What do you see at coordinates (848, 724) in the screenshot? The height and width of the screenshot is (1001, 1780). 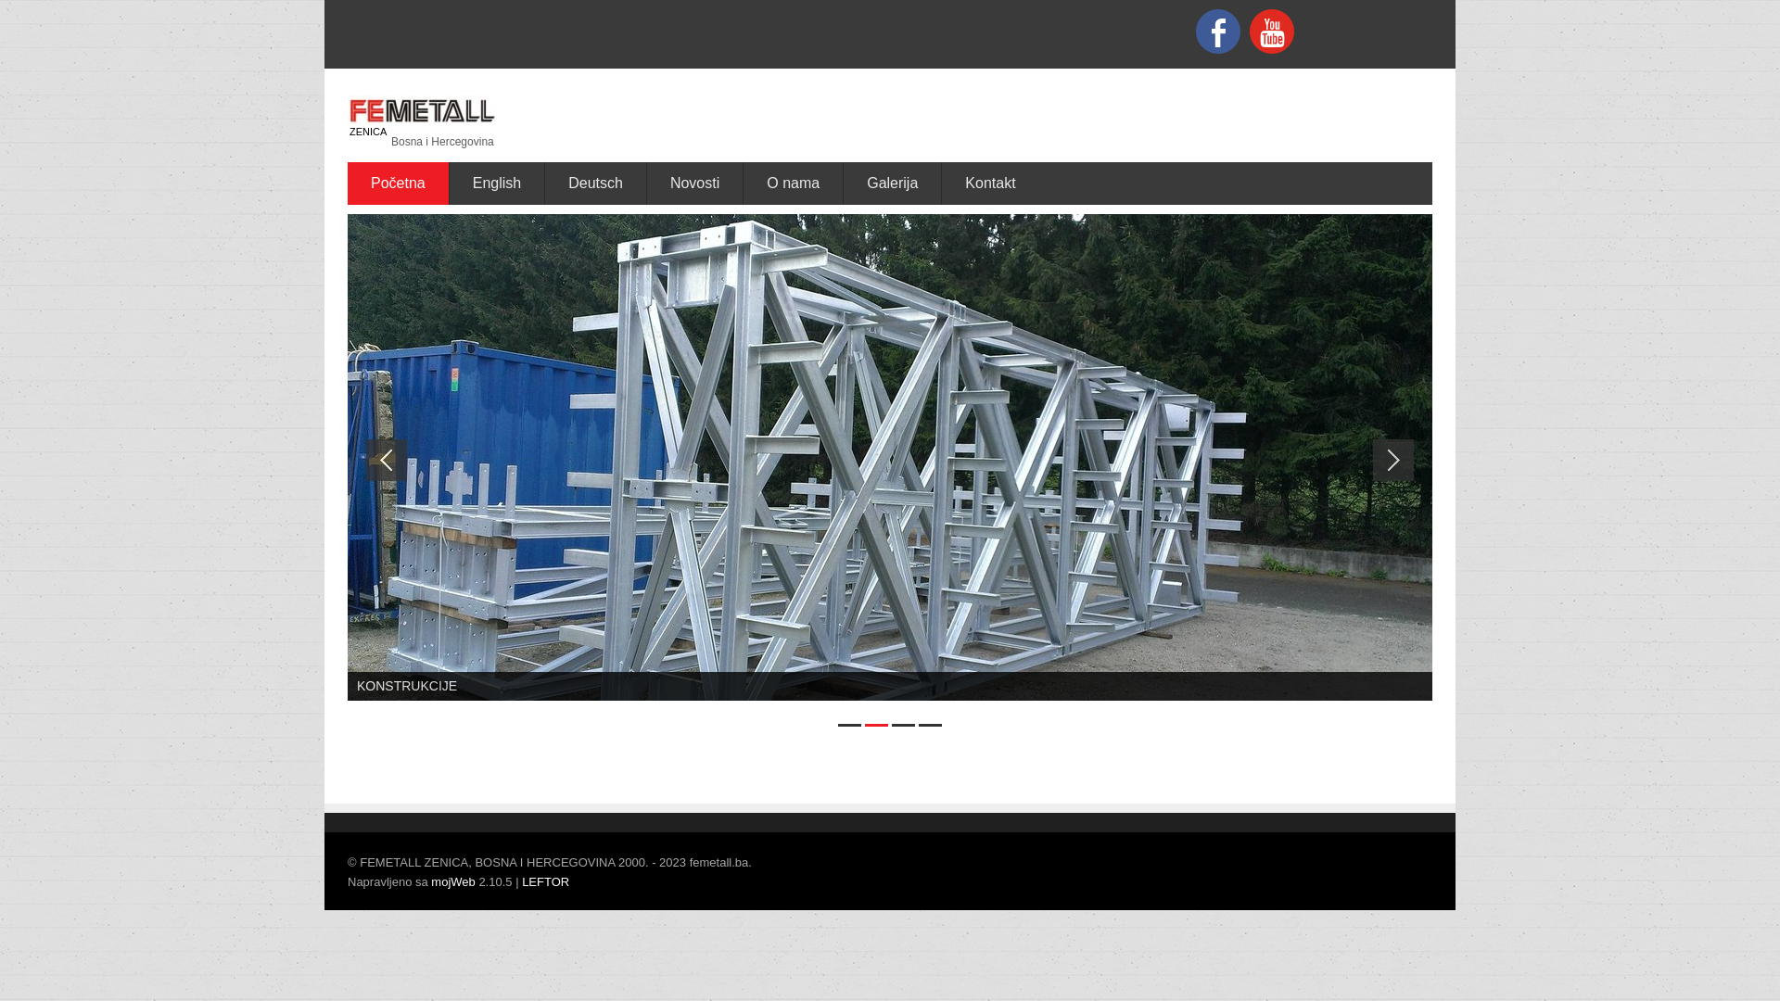 I see `'1'` at bounding box center [848, 724].